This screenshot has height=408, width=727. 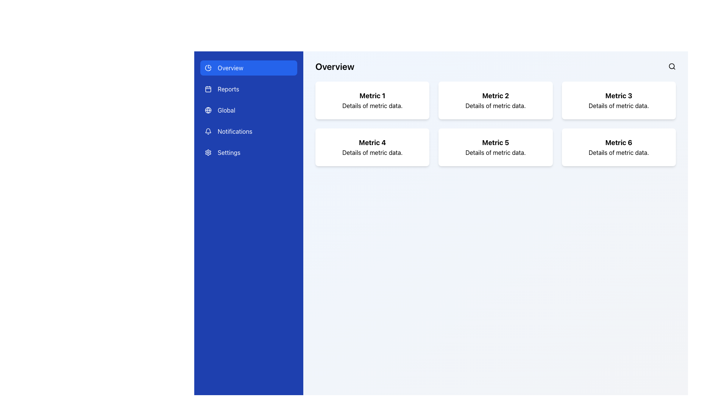 What do you see at coordinates (496, 147) in the screenshot?
I see `the Informational card displaying 'Metric 5' with a white background and rounded corners, located in the second row, second column of the grid layout` at bounding box center [496, 147].